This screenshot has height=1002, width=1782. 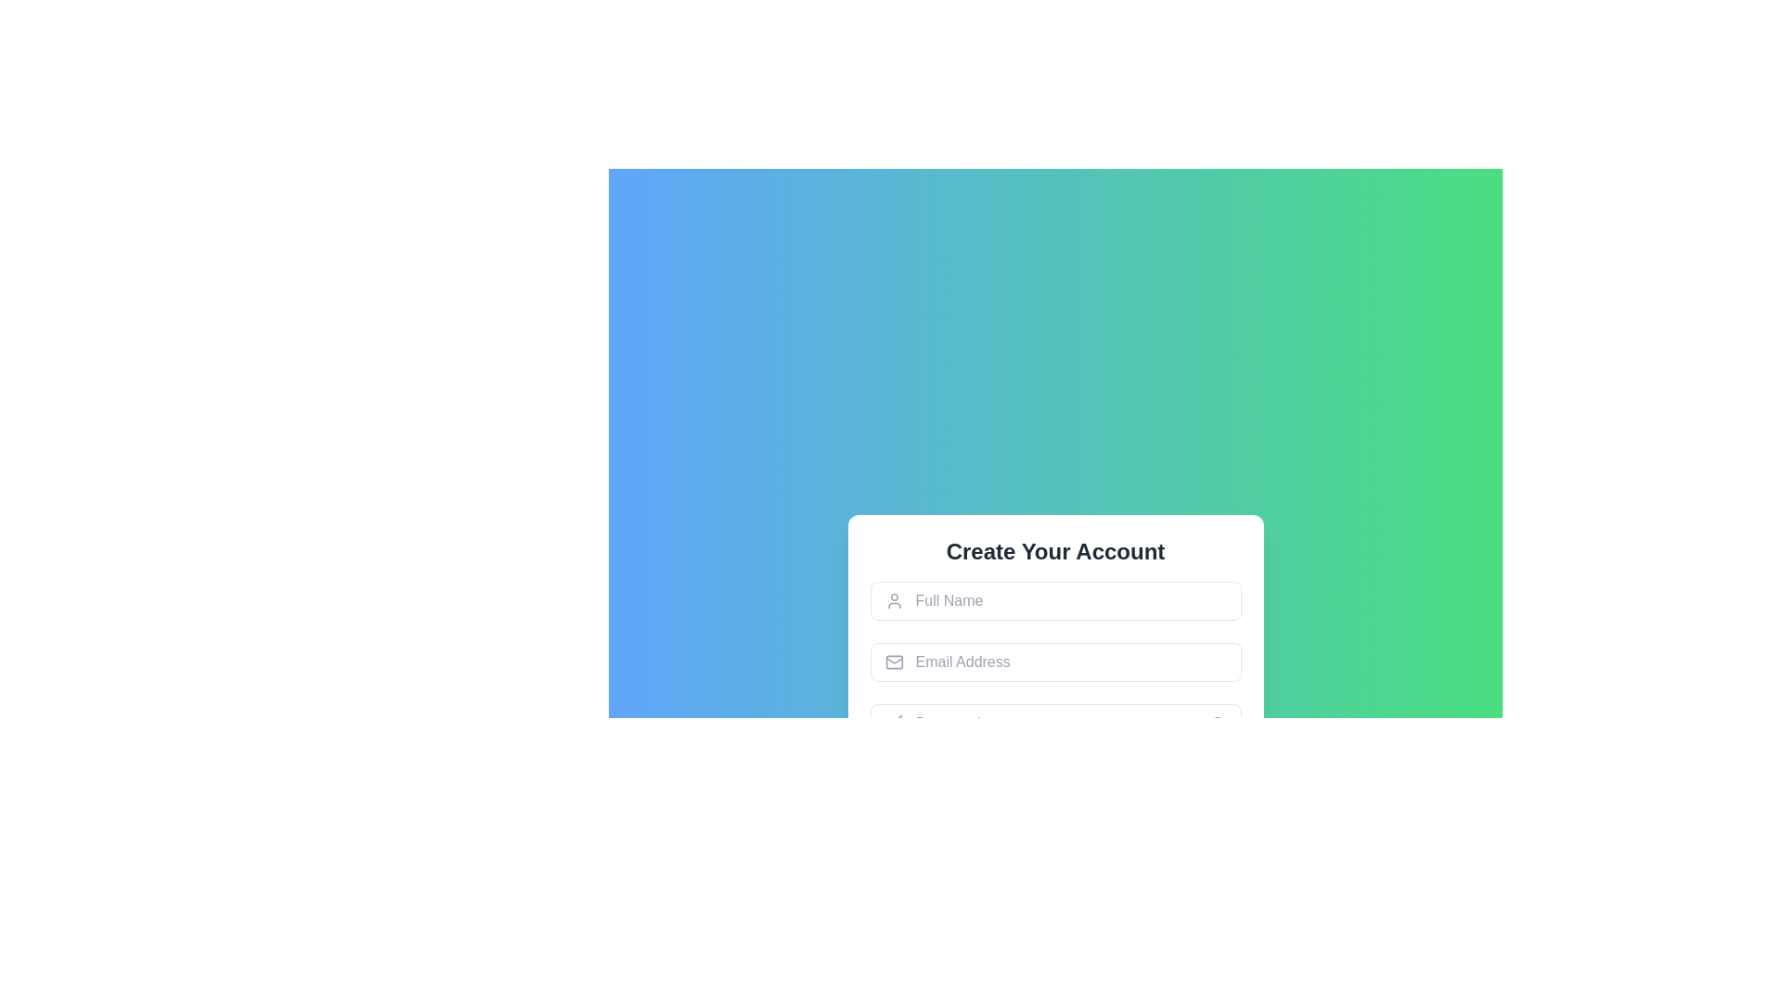 What do you see at coordinates (1217, 722) in the screenshot?
I see `the password visibility toggle button located at the far right of the password input field to change its color` at bounding box center [1217, 722].